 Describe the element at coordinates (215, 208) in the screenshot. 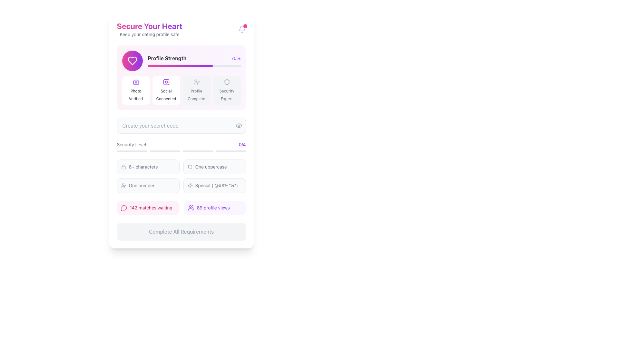

I see `information displayed in the informational display showing profile views, located at the bottom-center of the card interface, to the right of the item stating '142 matches waiting.'` at that location.